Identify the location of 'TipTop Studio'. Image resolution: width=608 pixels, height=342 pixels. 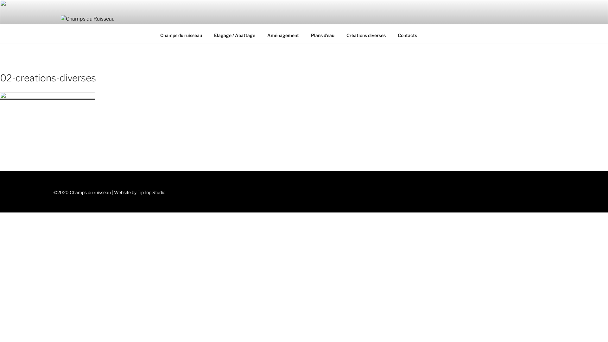
(151, 192).